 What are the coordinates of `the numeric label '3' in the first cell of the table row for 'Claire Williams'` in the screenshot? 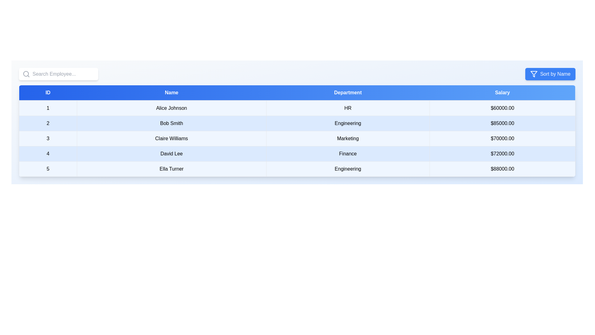 It's located at (47, 138).